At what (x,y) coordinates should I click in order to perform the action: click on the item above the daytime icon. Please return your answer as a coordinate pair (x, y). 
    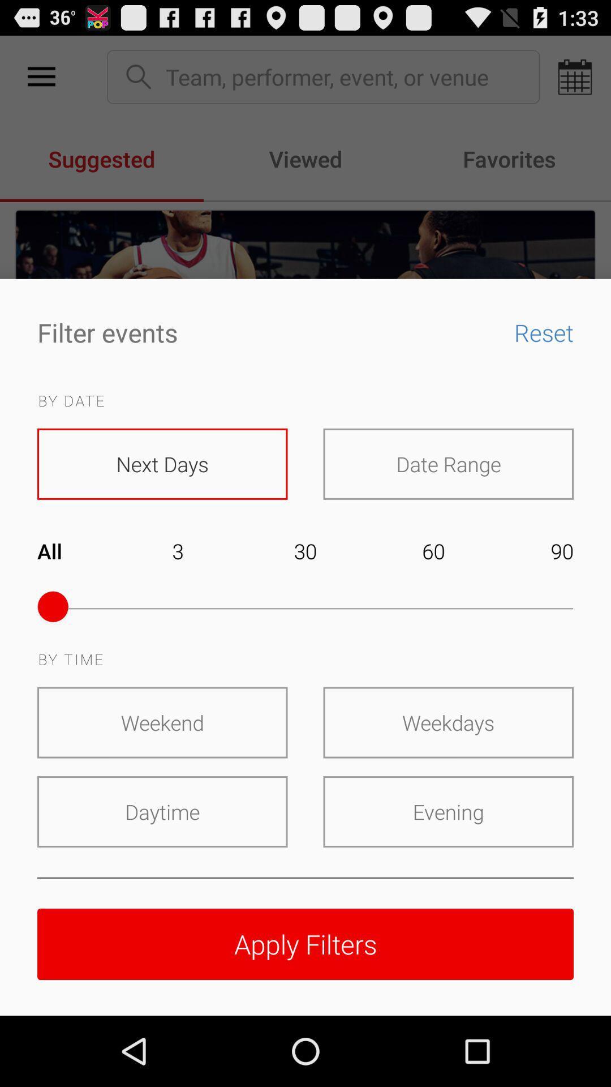
    Looking at the image, I should click on (162, 722).